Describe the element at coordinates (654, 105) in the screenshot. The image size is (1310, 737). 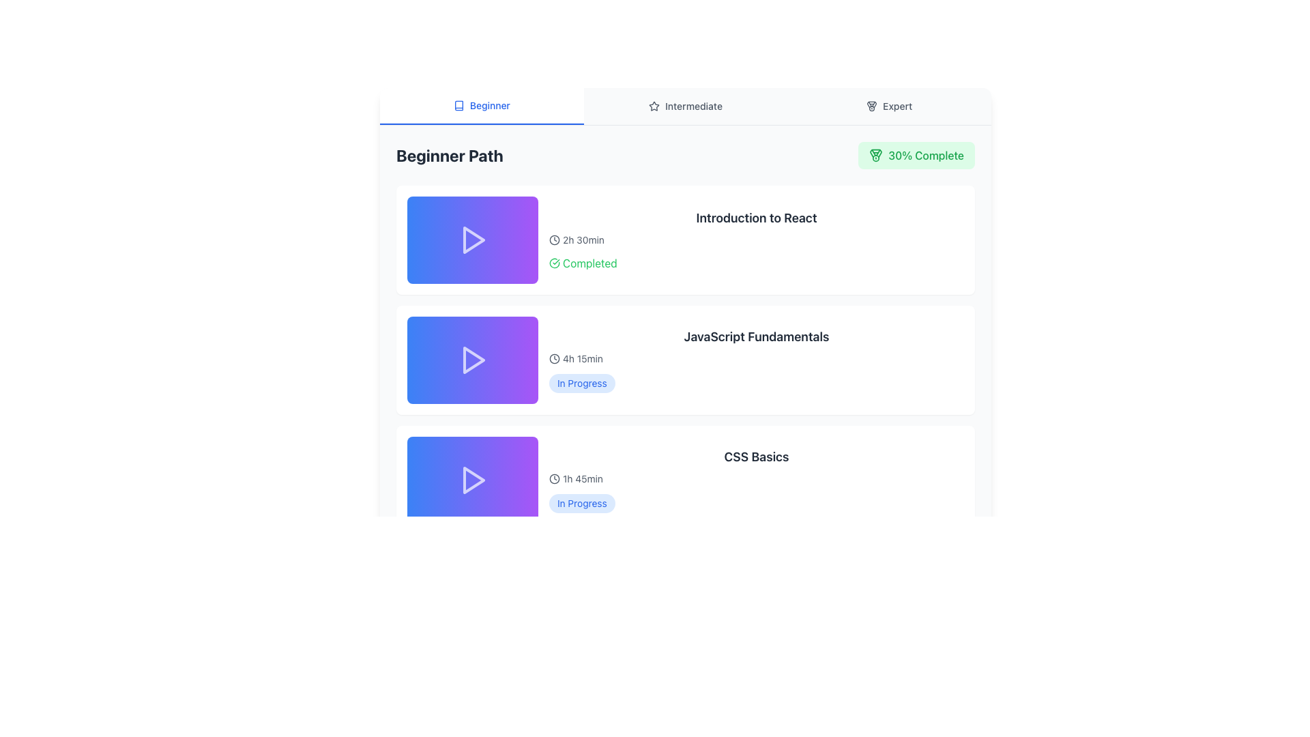
I see `the center of the outlined star-shaped icon located in the top-right section of the interface for interaction` at that location.